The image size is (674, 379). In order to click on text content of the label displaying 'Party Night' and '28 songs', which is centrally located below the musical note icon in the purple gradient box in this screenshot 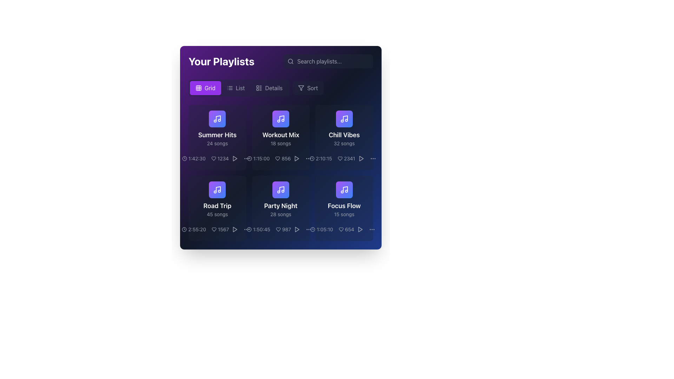, I will do `click(281, 209)`.